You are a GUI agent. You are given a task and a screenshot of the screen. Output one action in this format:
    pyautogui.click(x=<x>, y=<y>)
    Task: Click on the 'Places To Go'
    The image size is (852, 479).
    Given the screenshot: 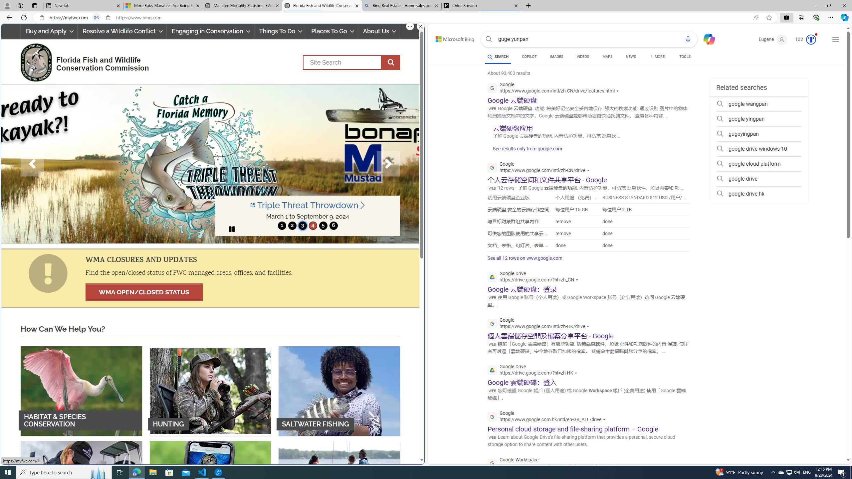 What is the action you would take?
    pyautogui.click(x=331, y=31)
    